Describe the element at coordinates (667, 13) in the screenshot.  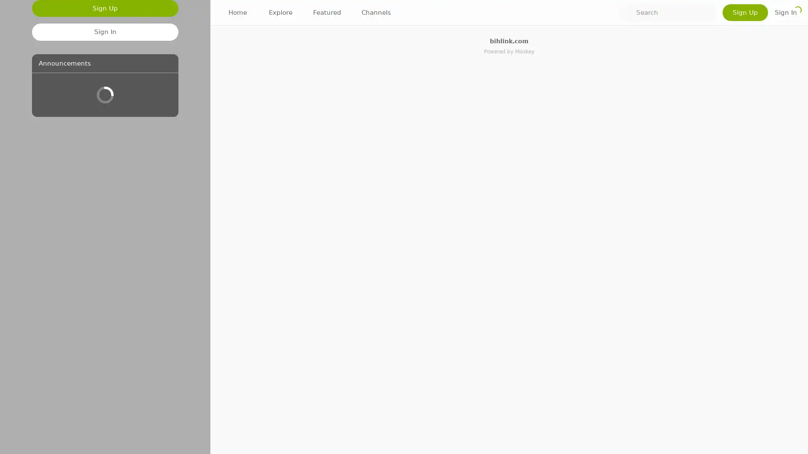
I see `Search` at that location.